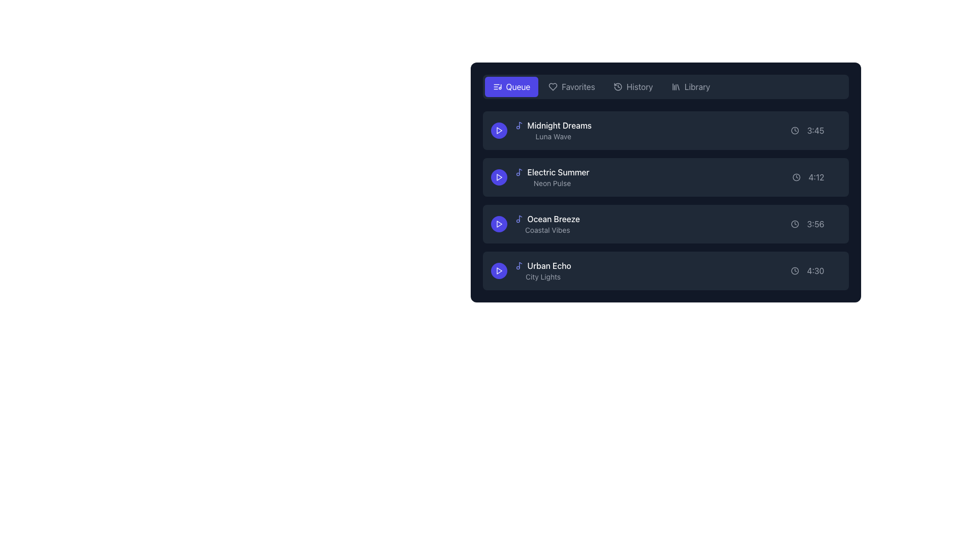 The height and width of the screenshot is (549, 976). What do you see at coordinates (816, 176) in the screenshot?
I see `the text label displaying the time value '4:12' styled in gray, located in front of a clock icon on the right-hand side of the second row of the list` at bounding box center [816, 176].